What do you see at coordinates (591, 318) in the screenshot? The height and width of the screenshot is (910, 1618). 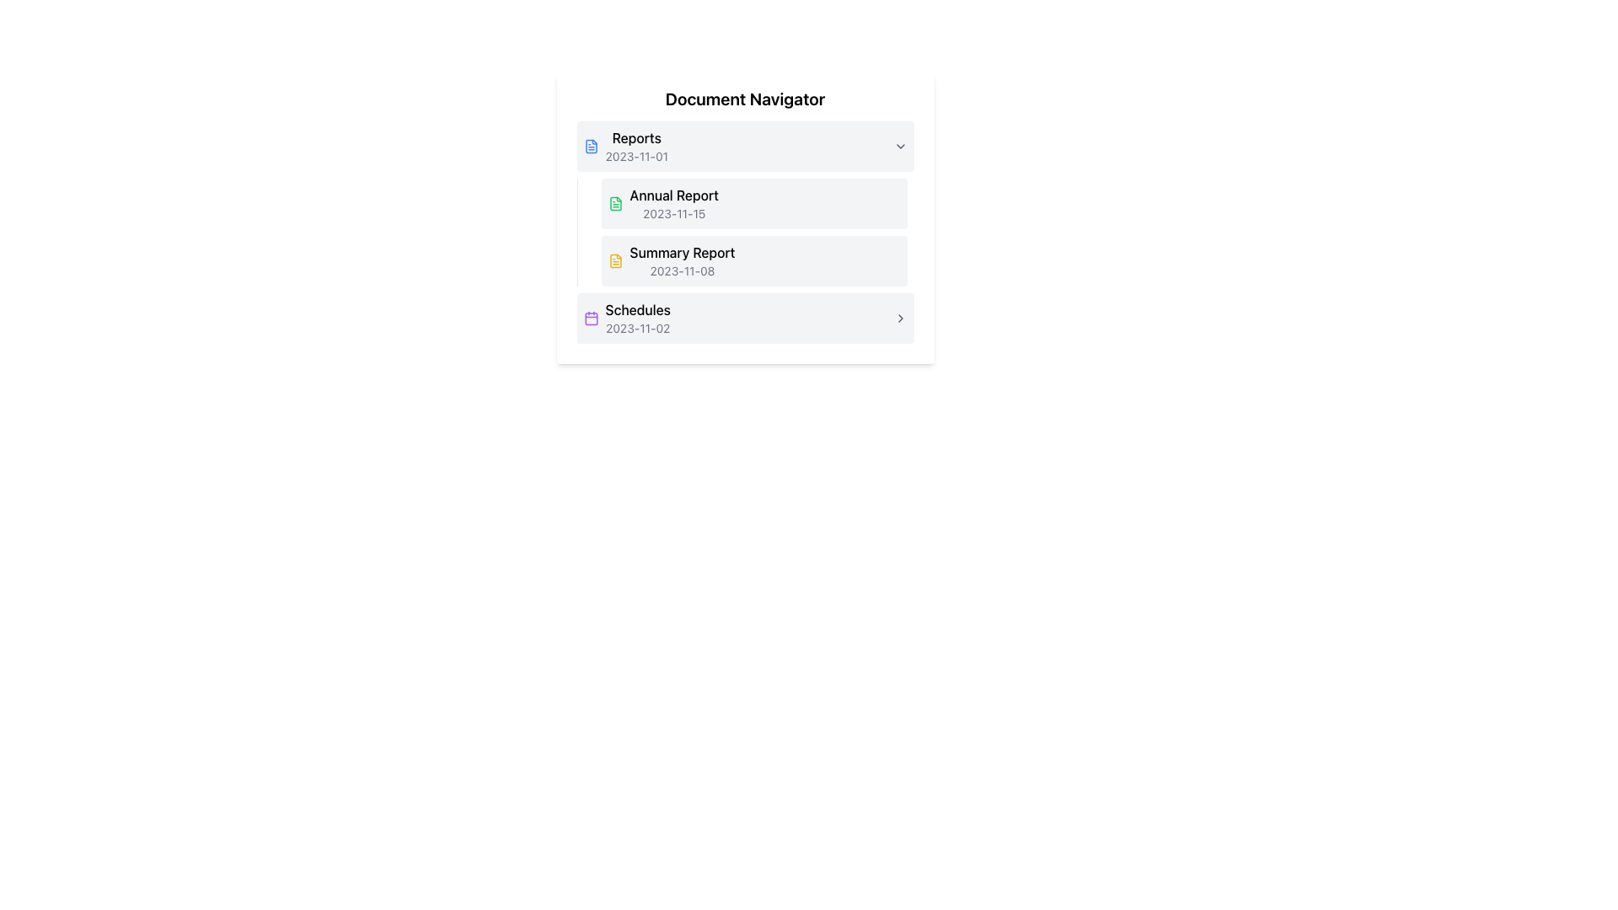 I see `the calendar-like icon with a purple outline located in the 'Schedules' section of the 'Document Navigator' interface` at bounding box center [591, 318].